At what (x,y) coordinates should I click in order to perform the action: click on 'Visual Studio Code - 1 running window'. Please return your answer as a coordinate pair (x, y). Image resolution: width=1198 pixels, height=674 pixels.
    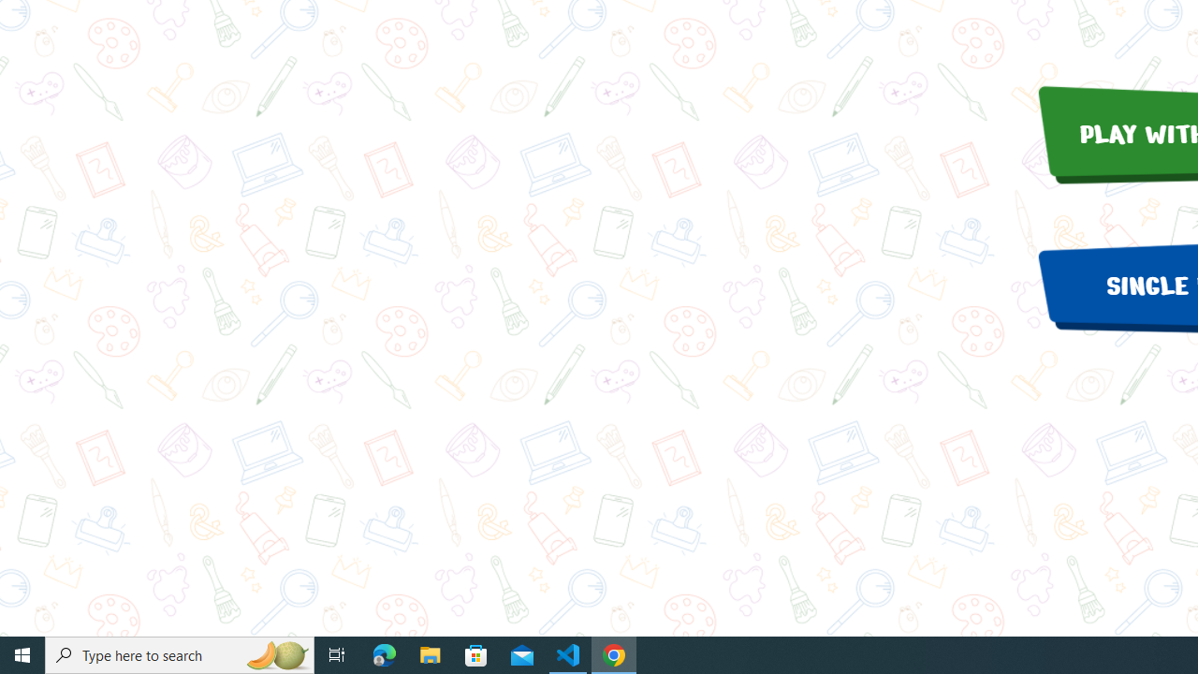
    Looking at the image, I should click on (567, 653).